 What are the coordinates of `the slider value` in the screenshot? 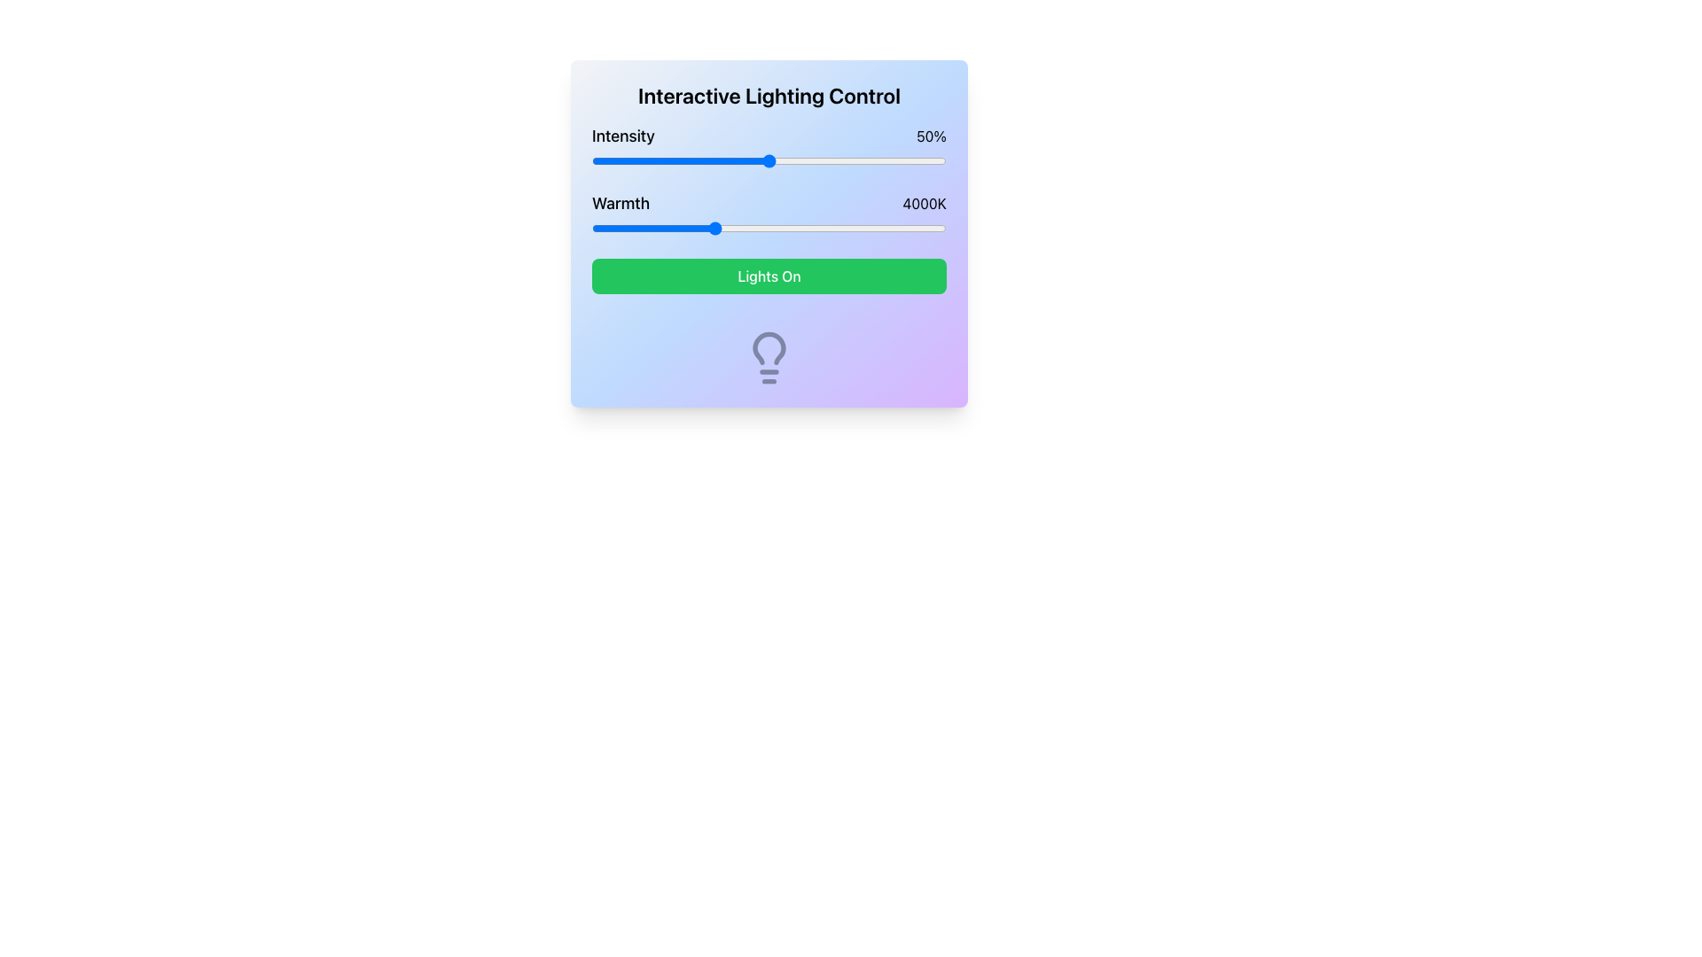 It's located at (776, 160).